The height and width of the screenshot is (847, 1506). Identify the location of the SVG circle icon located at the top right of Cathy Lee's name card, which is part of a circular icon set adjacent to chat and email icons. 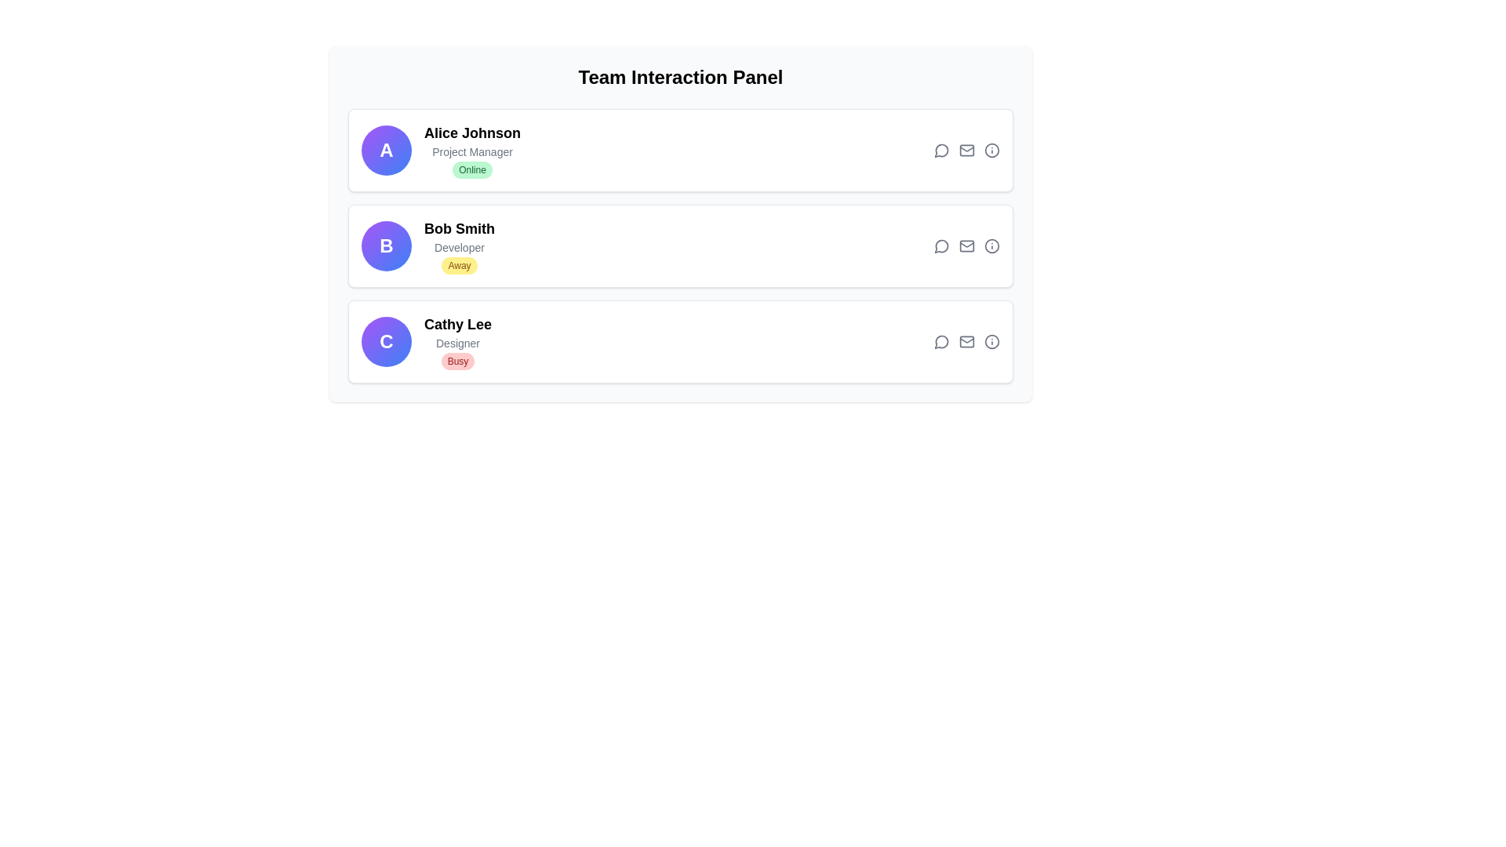
(991, 340).